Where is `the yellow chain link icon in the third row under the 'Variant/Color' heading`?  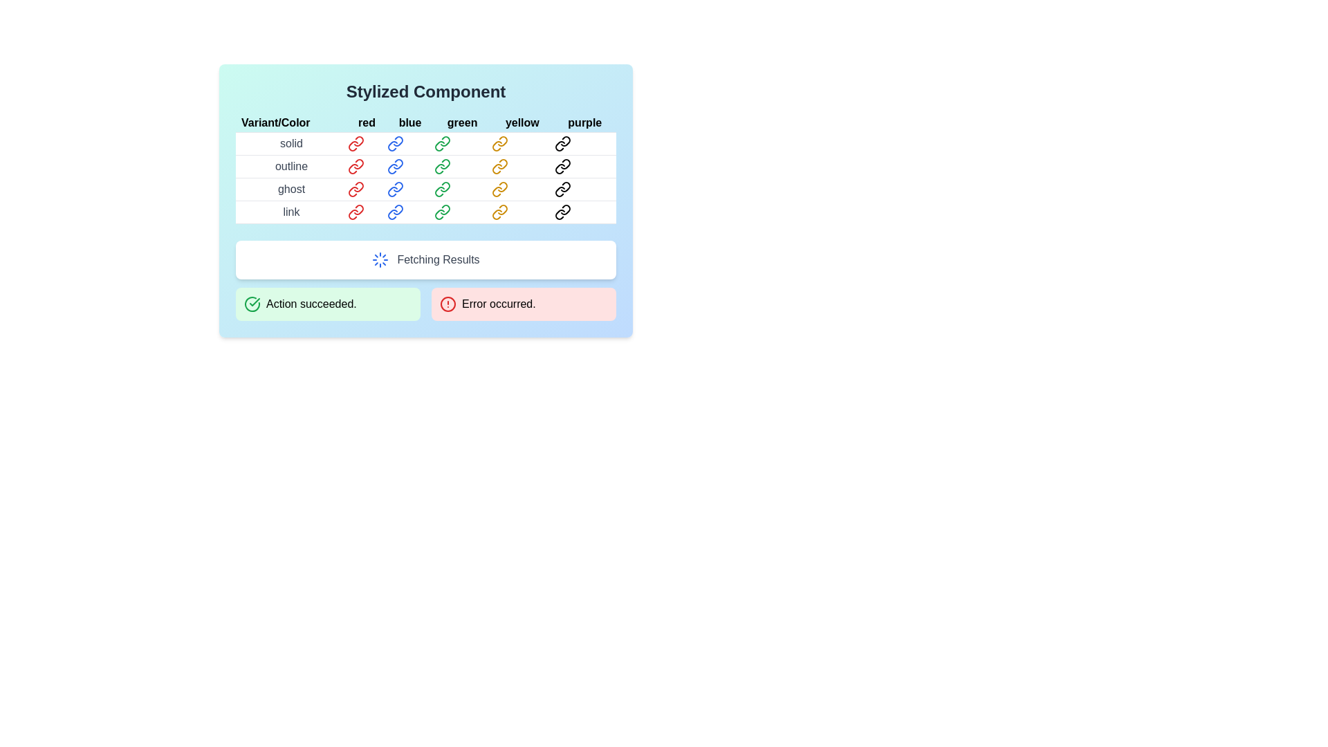
the yellow chain link icon in the third row under the 'Variant/Color' heading is located at coordinates (499, 189).